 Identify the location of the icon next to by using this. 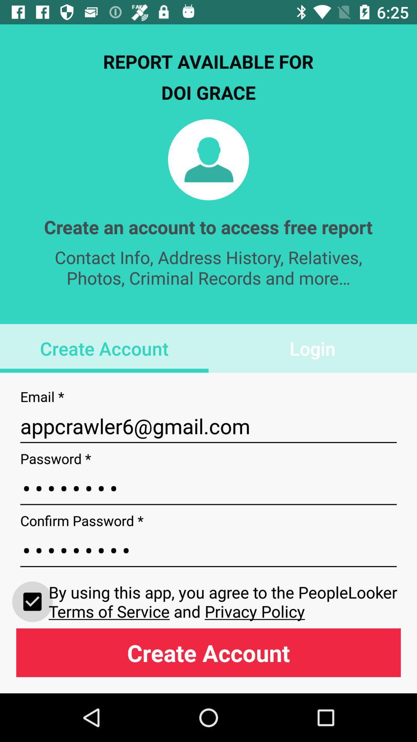
(32, 601).